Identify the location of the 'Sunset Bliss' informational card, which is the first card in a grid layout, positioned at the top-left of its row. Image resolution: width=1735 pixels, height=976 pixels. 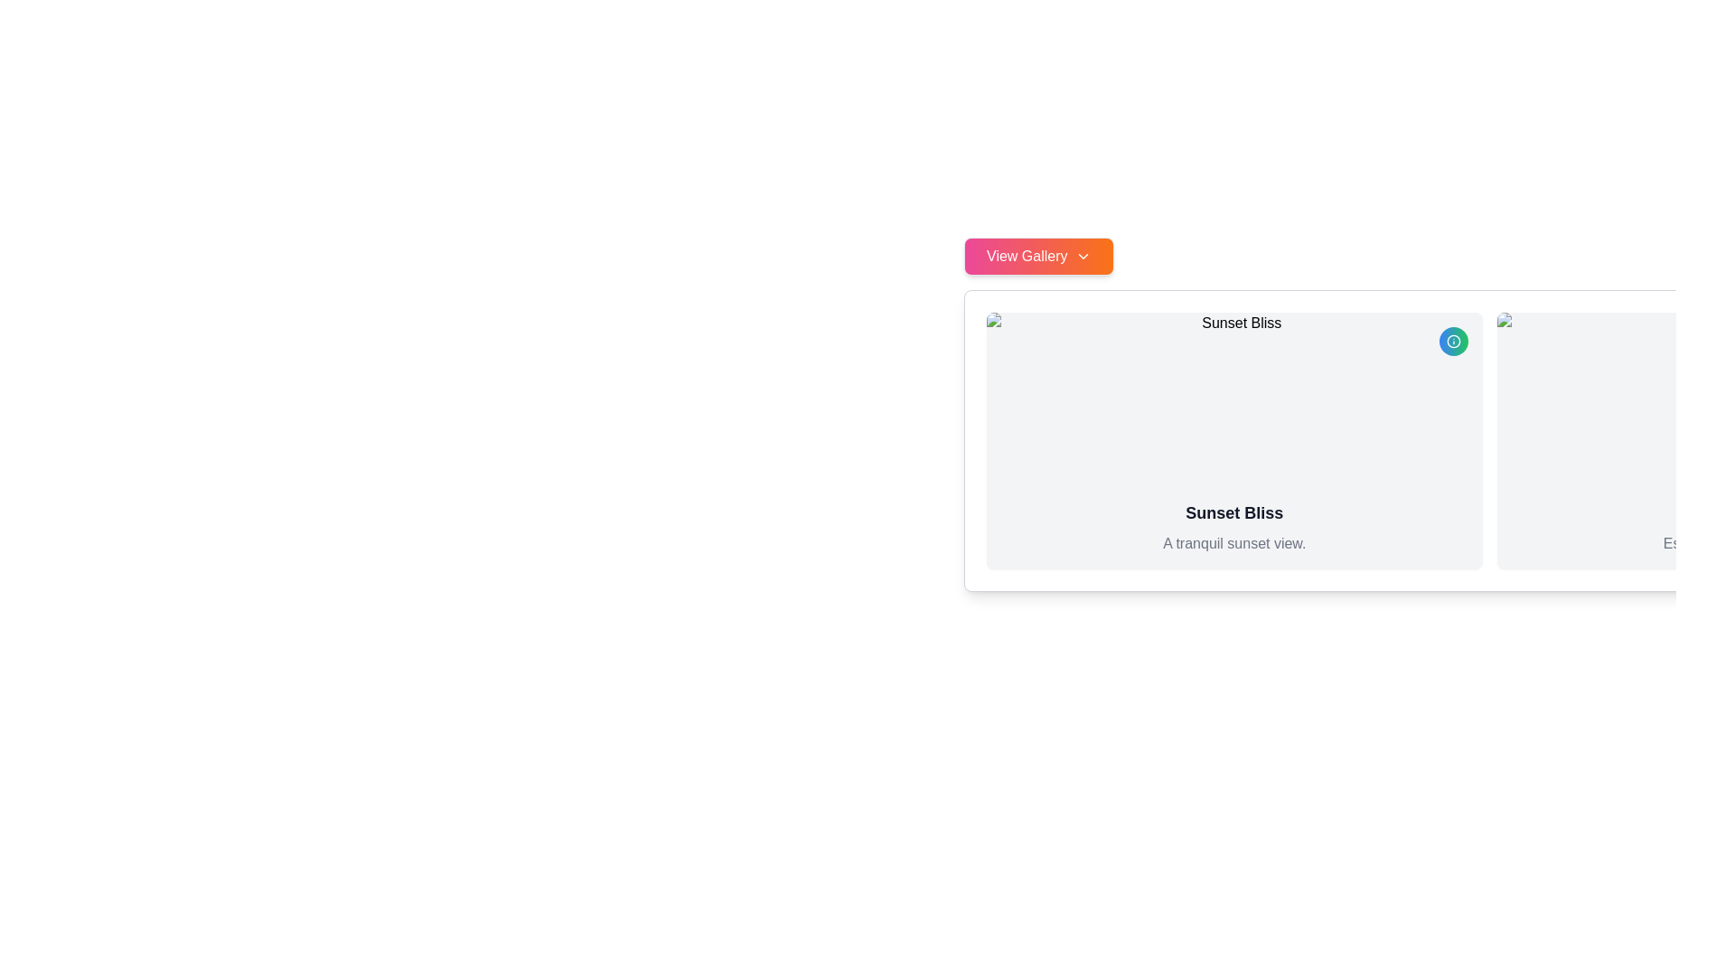
(1233, 441).